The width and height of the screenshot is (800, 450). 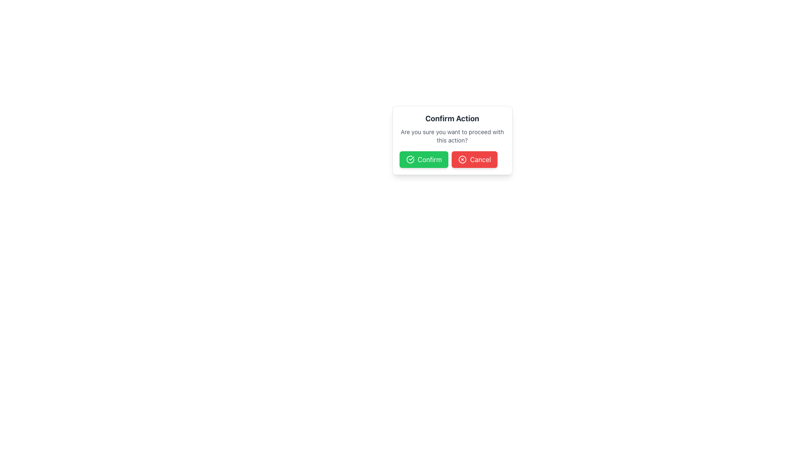 What do you see at coordinates (475, 159) in the screenshot?
I see `the red 'Cancel' button with a white 'x' icon` at bounding box center [475, 159].